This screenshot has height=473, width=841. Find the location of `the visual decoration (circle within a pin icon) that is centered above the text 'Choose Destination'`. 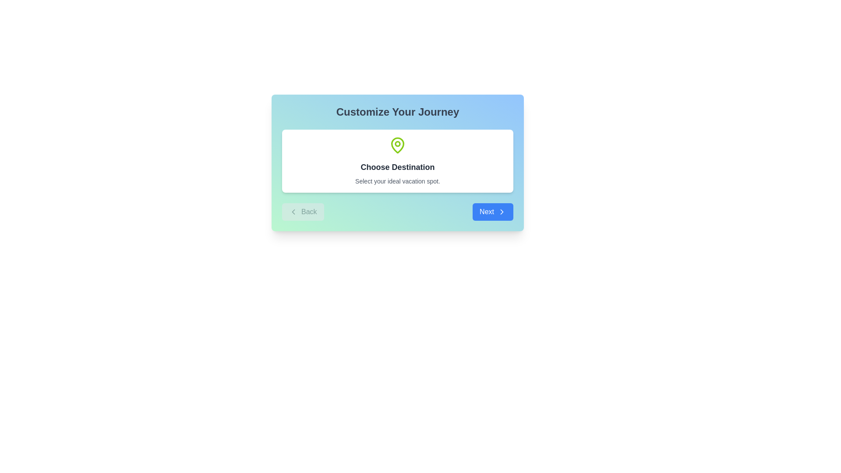

the visual decoration (circle within a pin icon) that is centered above the text 'Choose Destination' is located at coordinates (397, 143).